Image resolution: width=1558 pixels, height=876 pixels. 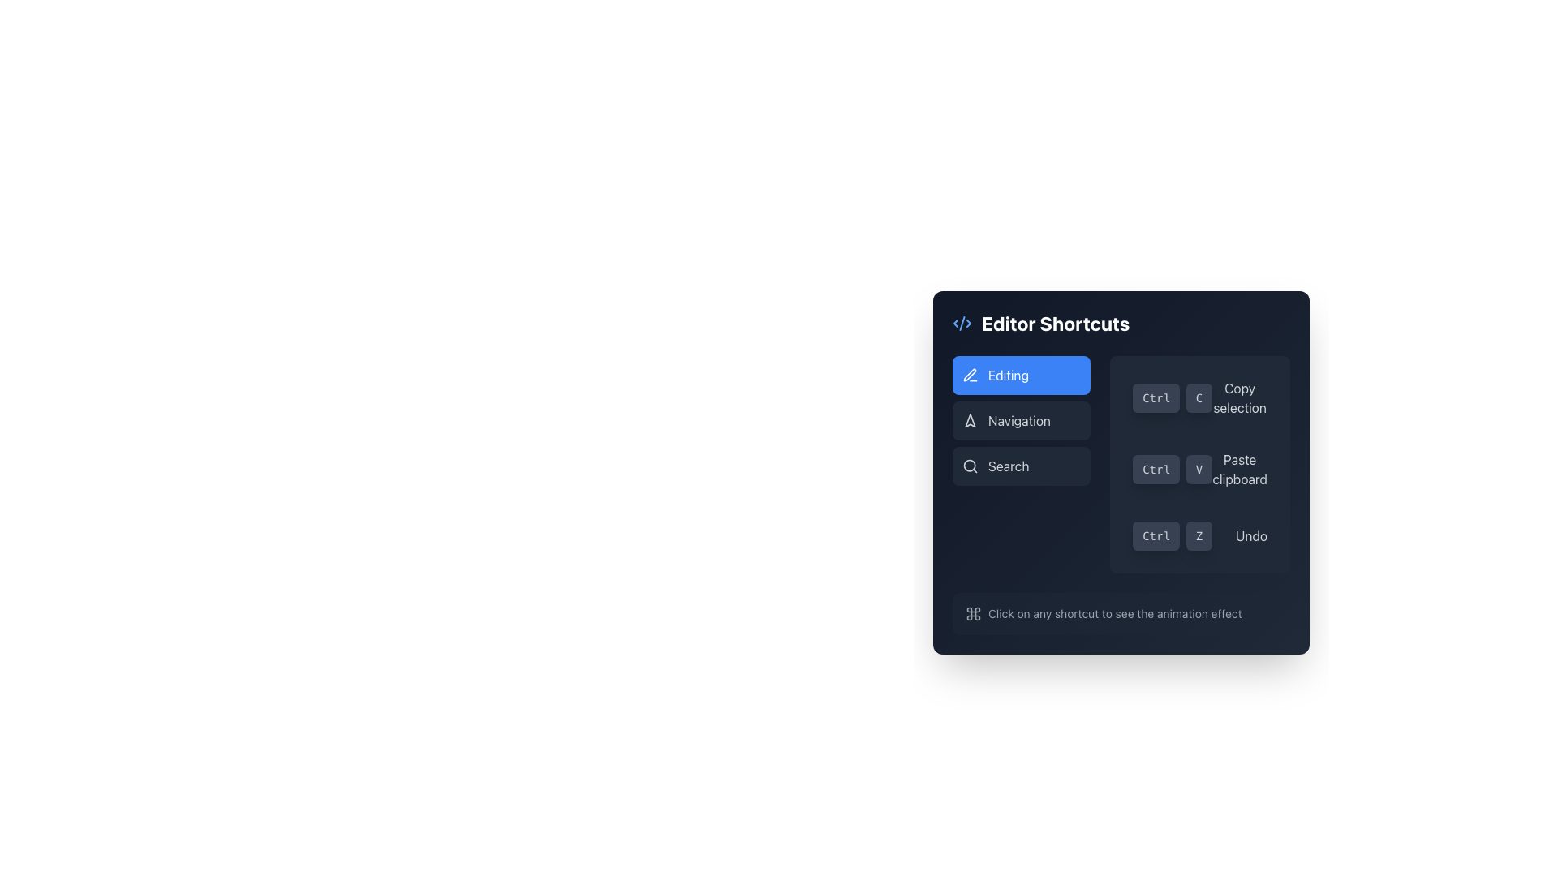 I want to click on the 'Navigation' icon located within the 'Editor Shortcuts' list, positioned next to the 'Navigation' label, so click(x=970, y=420).